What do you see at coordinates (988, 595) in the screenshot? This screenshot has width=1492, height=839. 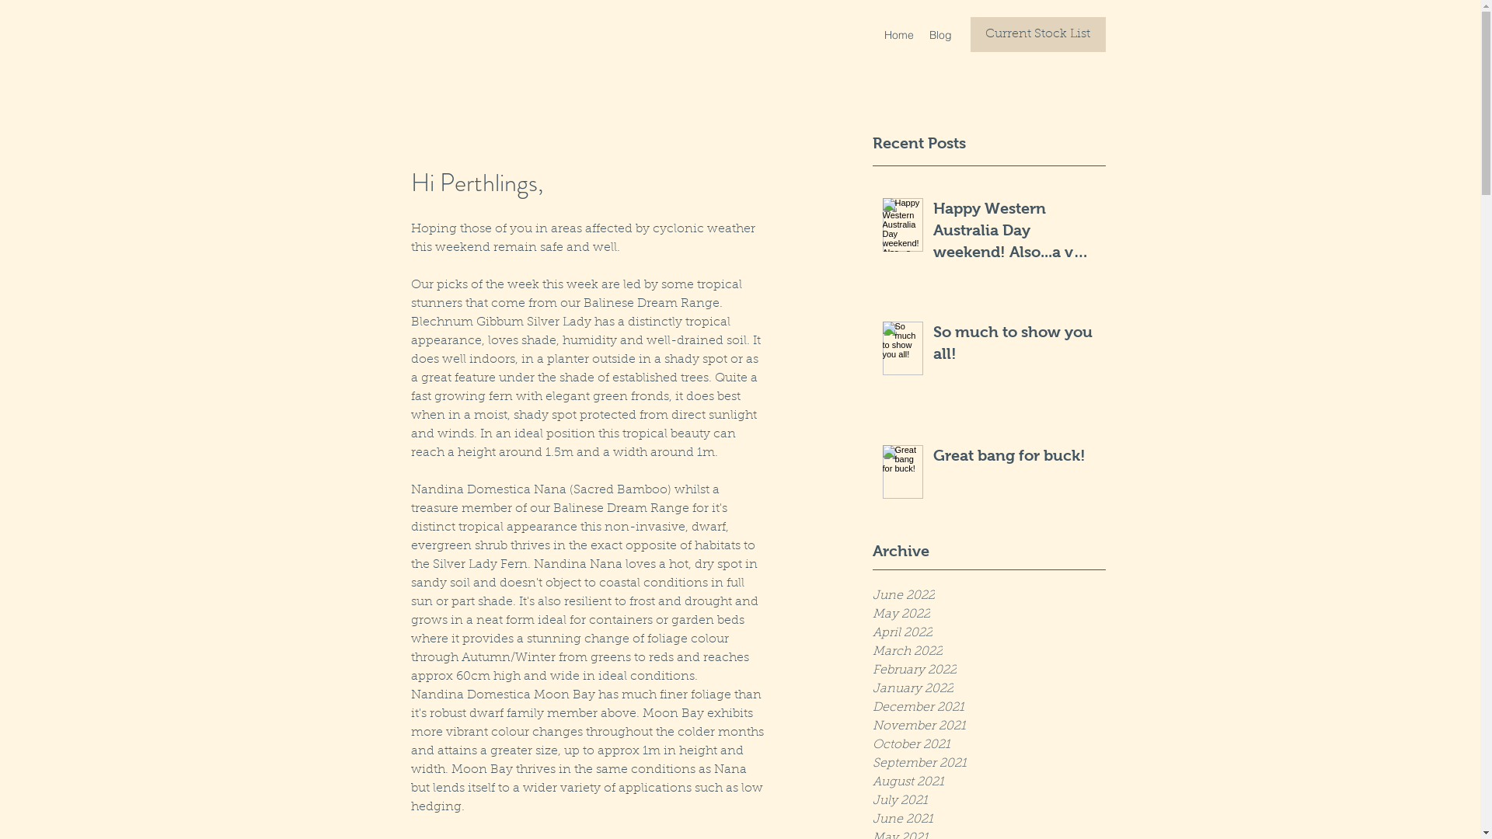 I see `'June 2022'` at bounding box center [988, 595].